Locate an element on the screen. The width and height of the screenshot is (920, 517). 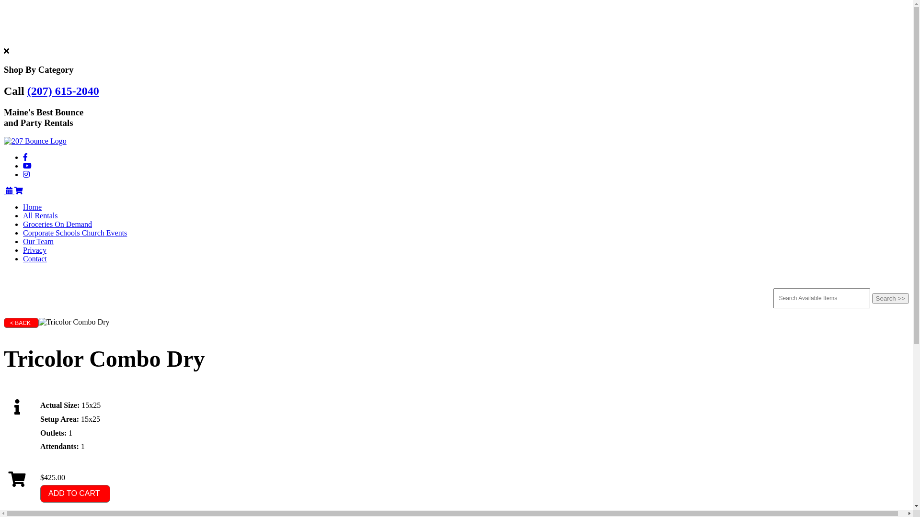
'Contact' is located at coordinates (34, 258).